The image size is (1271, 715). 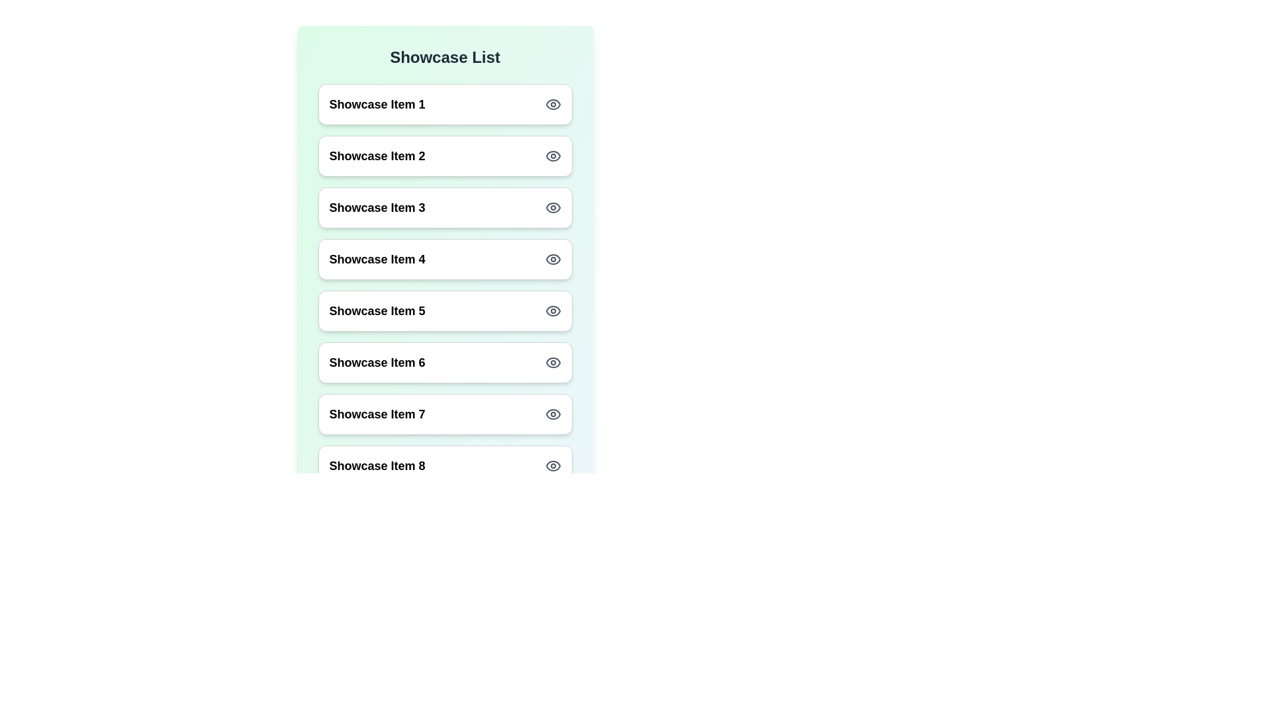 I want to click on the title 'Showcase List' to interact with it, so click(x=445, y=57).